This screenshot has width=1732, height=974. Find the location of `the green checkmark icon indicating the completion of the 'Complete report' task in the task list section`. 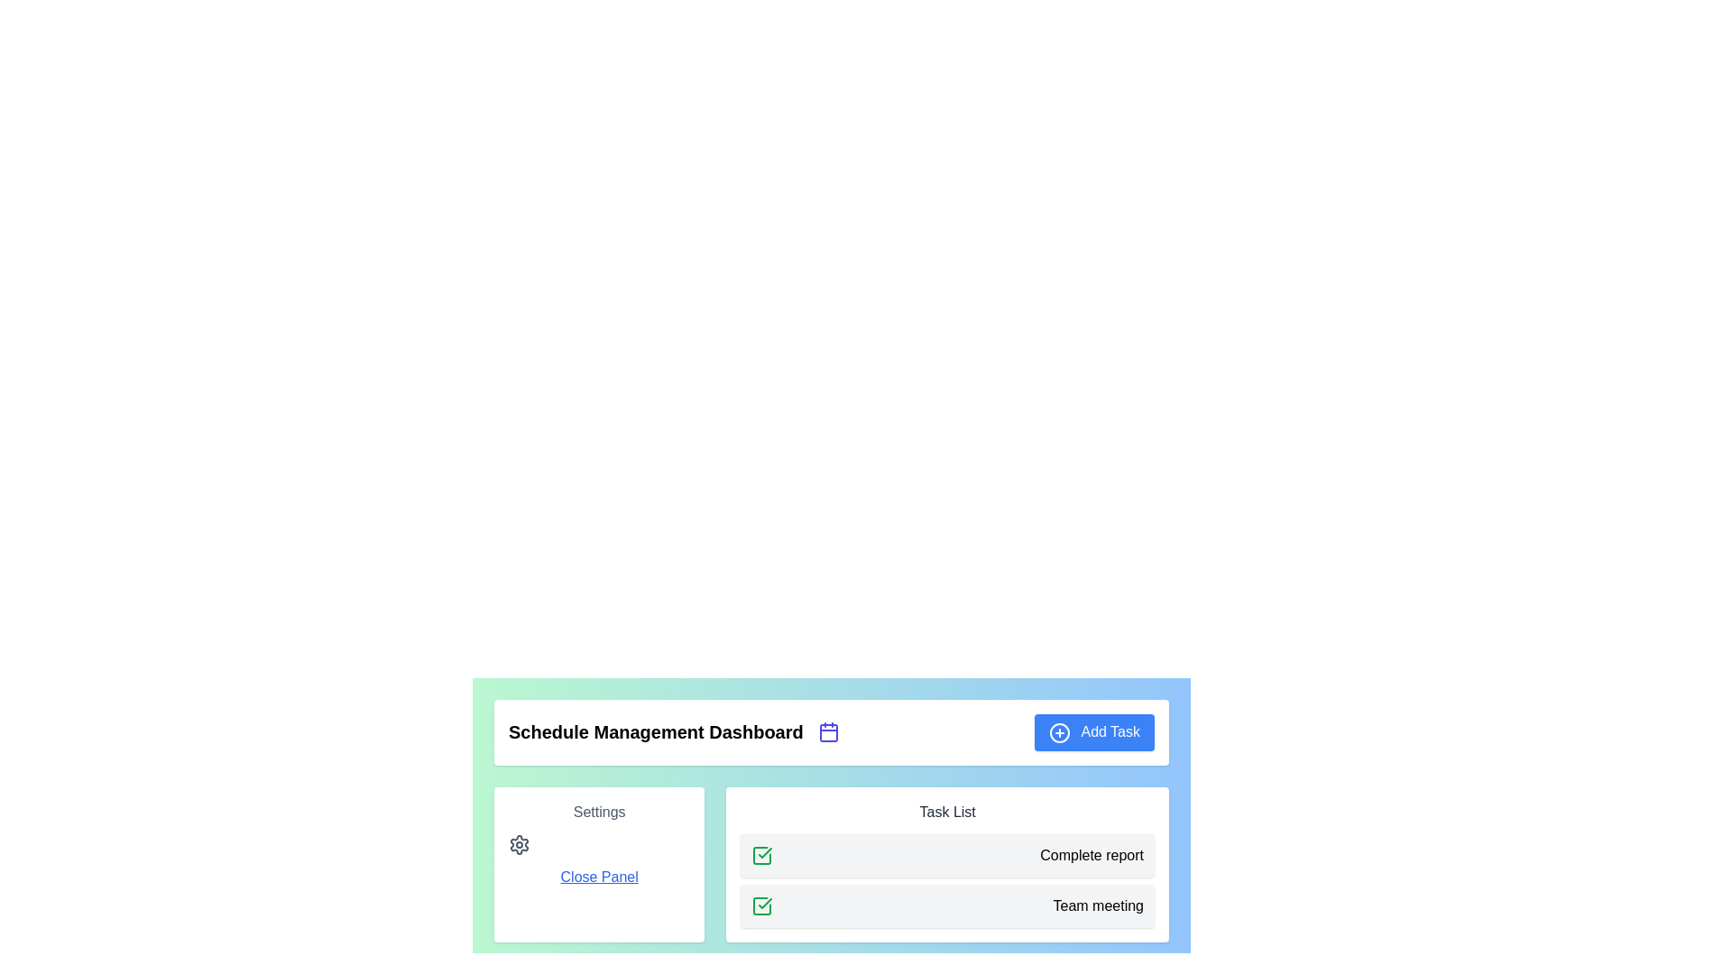

the green checkmark icon indicating the completion of the 'Complete report' task in the task list section is located at coordinates (765, 903).